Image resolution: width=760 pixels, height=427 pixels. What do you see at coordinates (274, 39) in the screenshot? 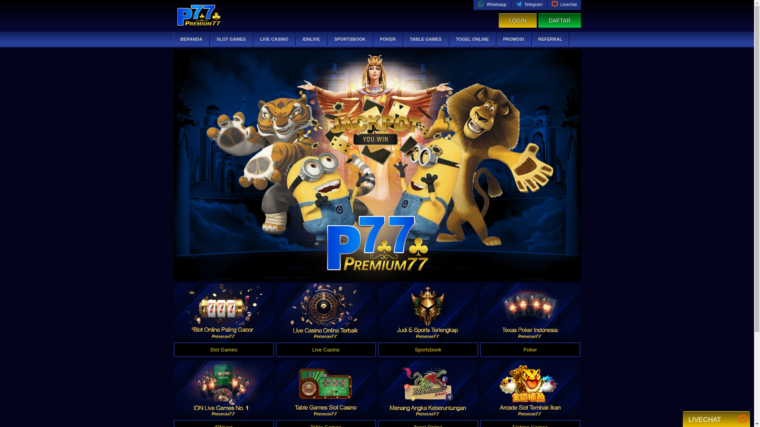
I see `'LIVE CASINO'` at bounding box center [274, 39].